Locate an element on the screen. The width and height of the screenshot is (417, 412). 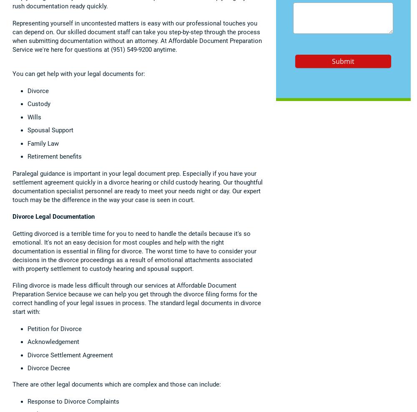
'Response to Divorce Complaints' is located at coordinates (73, 401).